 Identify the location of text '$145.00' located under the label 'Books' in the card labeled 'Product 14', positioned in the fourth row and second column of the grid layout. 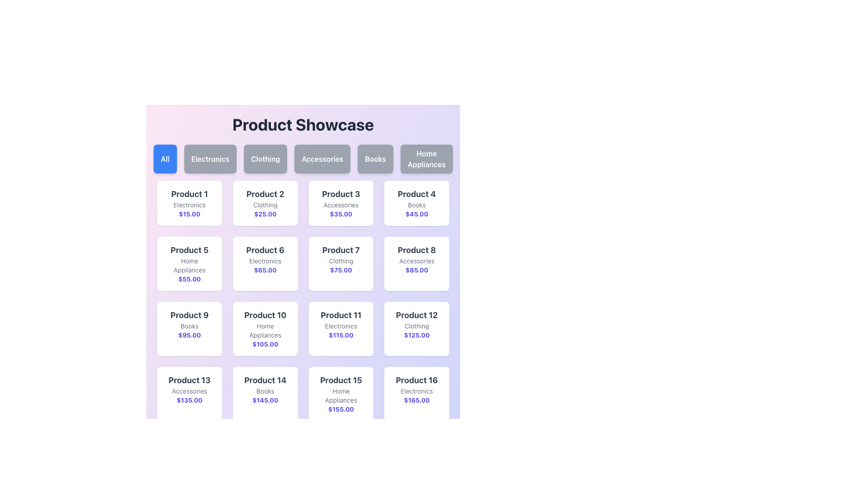
(265, 400).